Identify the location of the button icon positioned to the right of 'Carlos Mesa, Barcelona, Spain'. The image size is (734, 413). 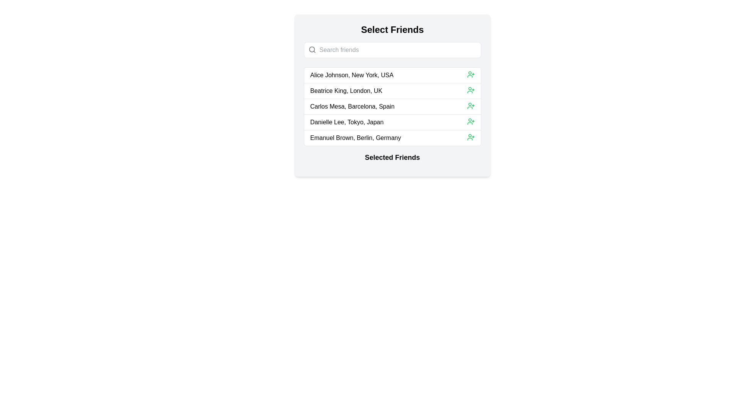
(470, 106).